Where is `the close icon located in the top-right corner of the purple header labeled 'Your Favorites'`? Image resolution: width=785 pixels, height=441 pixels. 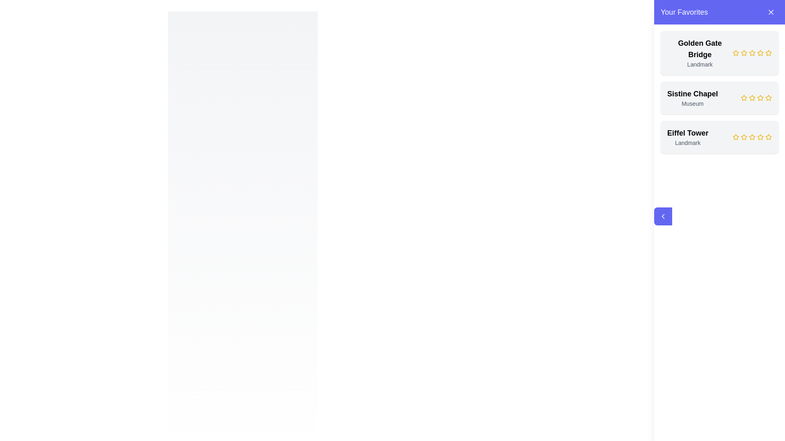
the close icon located in the top-right corner of the purple header labeled 'Your Favorites' is located at coordinates (771, 12).